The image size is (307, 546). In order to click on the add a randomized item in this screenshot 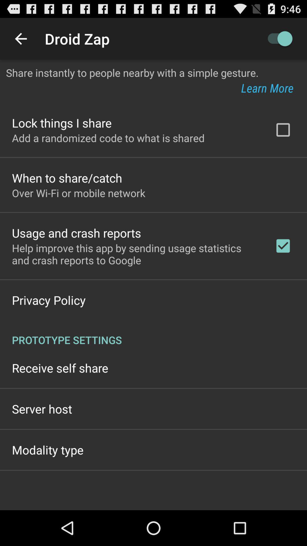, I will do `click(108, 138)`.